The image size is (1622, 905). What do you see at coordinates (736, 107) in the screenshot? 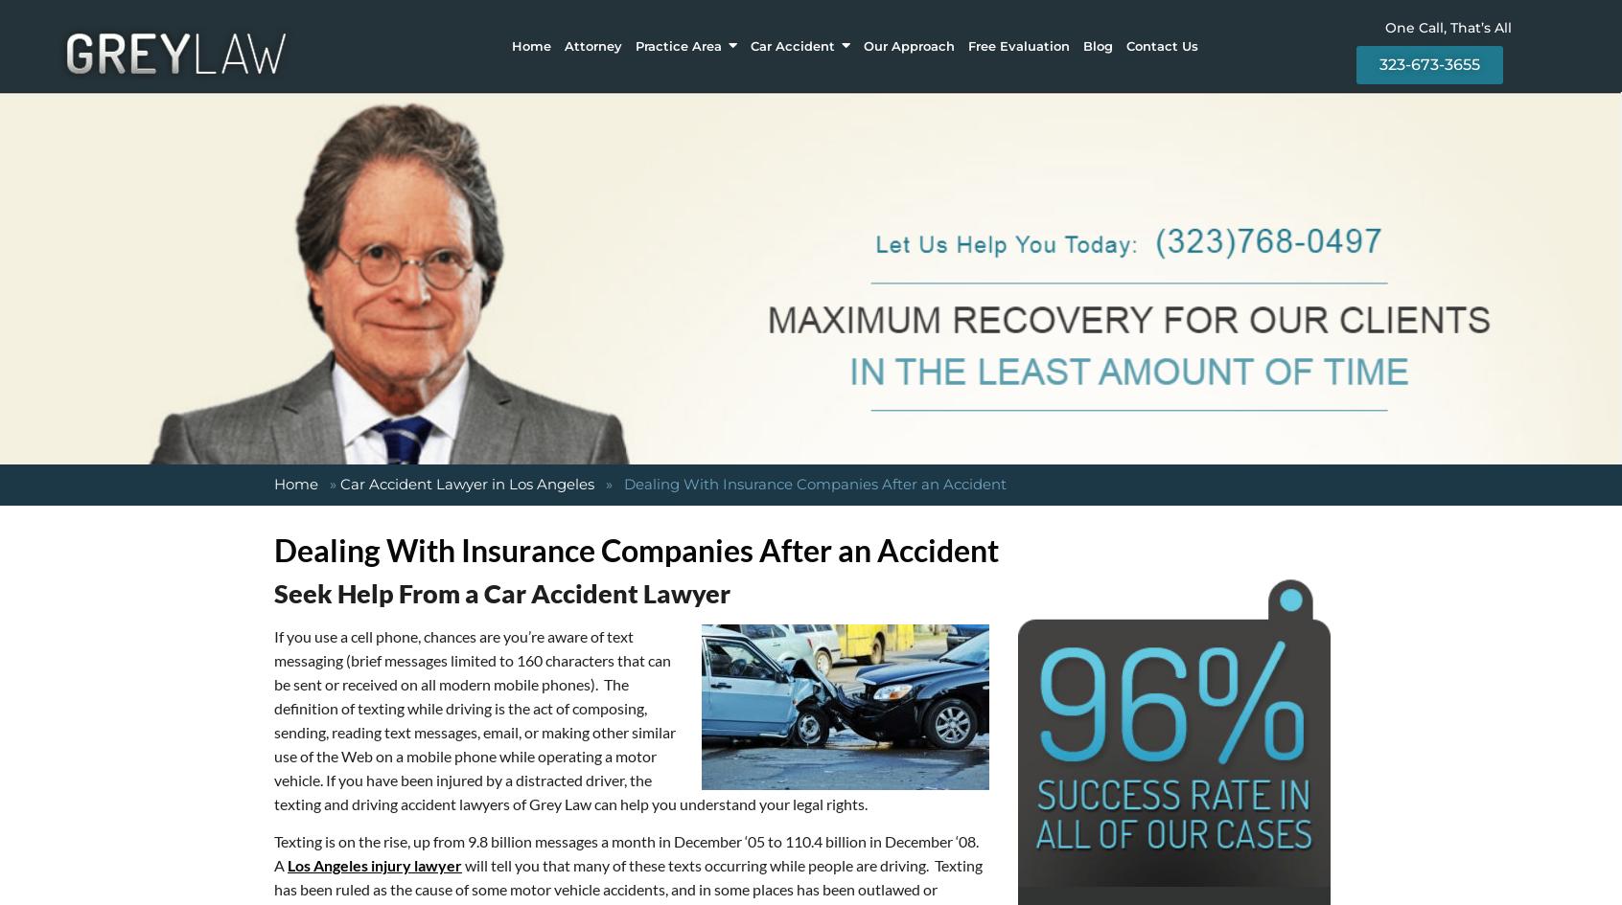
I see `'Filing A Police Report After A Car Accident'` at bounding box center [736, 107].